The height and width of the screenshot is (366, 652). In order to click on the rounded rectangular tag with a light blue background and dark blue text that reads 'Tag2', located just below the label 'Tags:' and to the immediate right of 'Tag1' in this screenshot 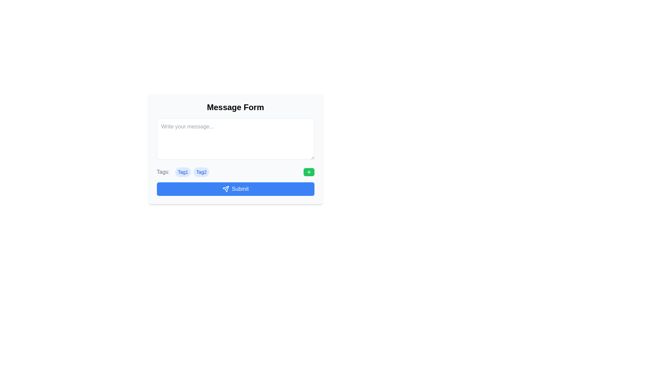, I will do `click(201, 172)`.